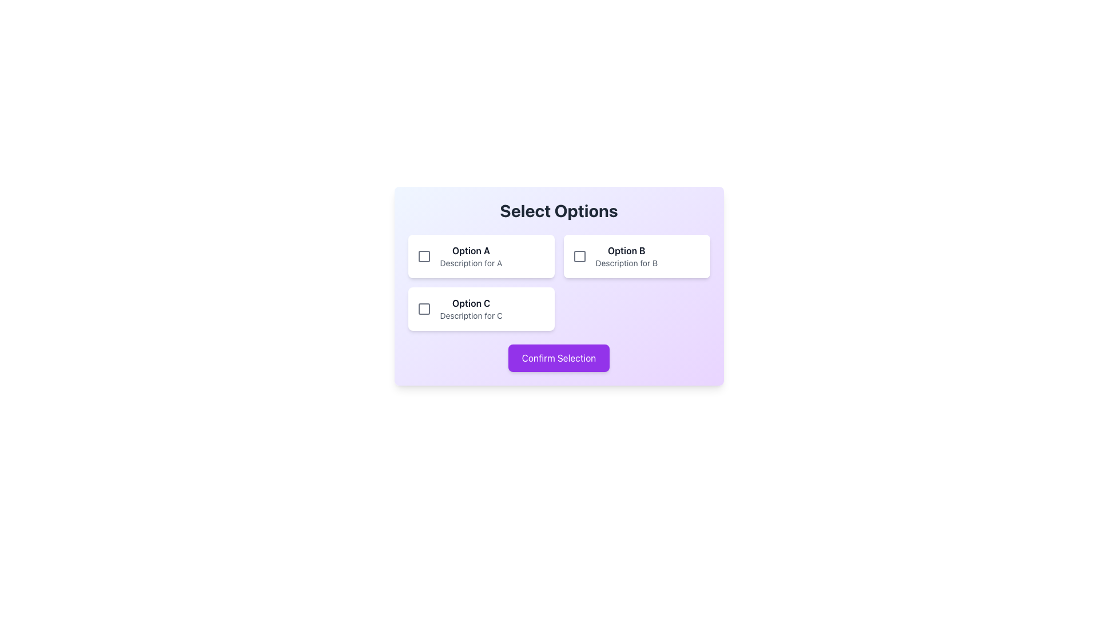 The height and width of the screenshot is (617, 1098). Describe the element at coordinates (423, 308) in the screenshot. I see `the light gray square-shaped checkbox located within the 'Option C' block` at that location.